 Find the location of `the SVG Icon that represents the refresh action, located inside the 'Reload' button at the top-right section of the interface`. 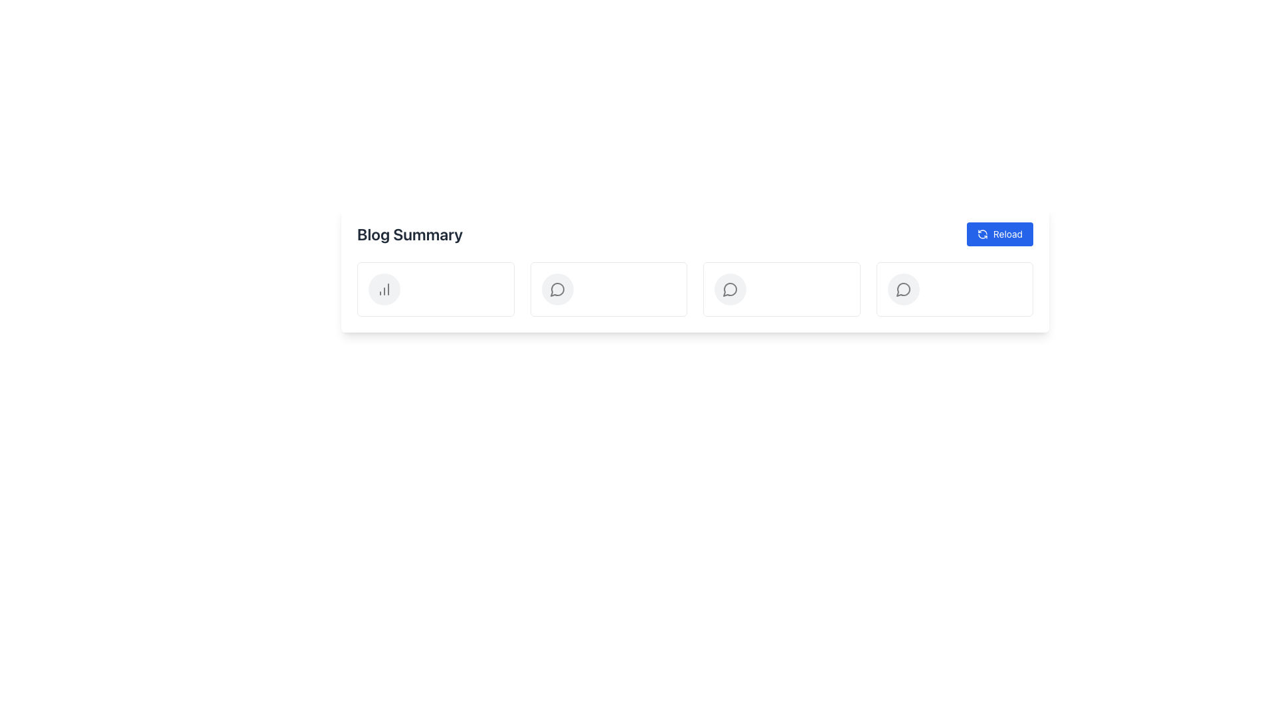

the SVG Icon that represents the refresh action, located inside the 'Reload' button at the top-right section of the interface is located at coordinates (982, 234).